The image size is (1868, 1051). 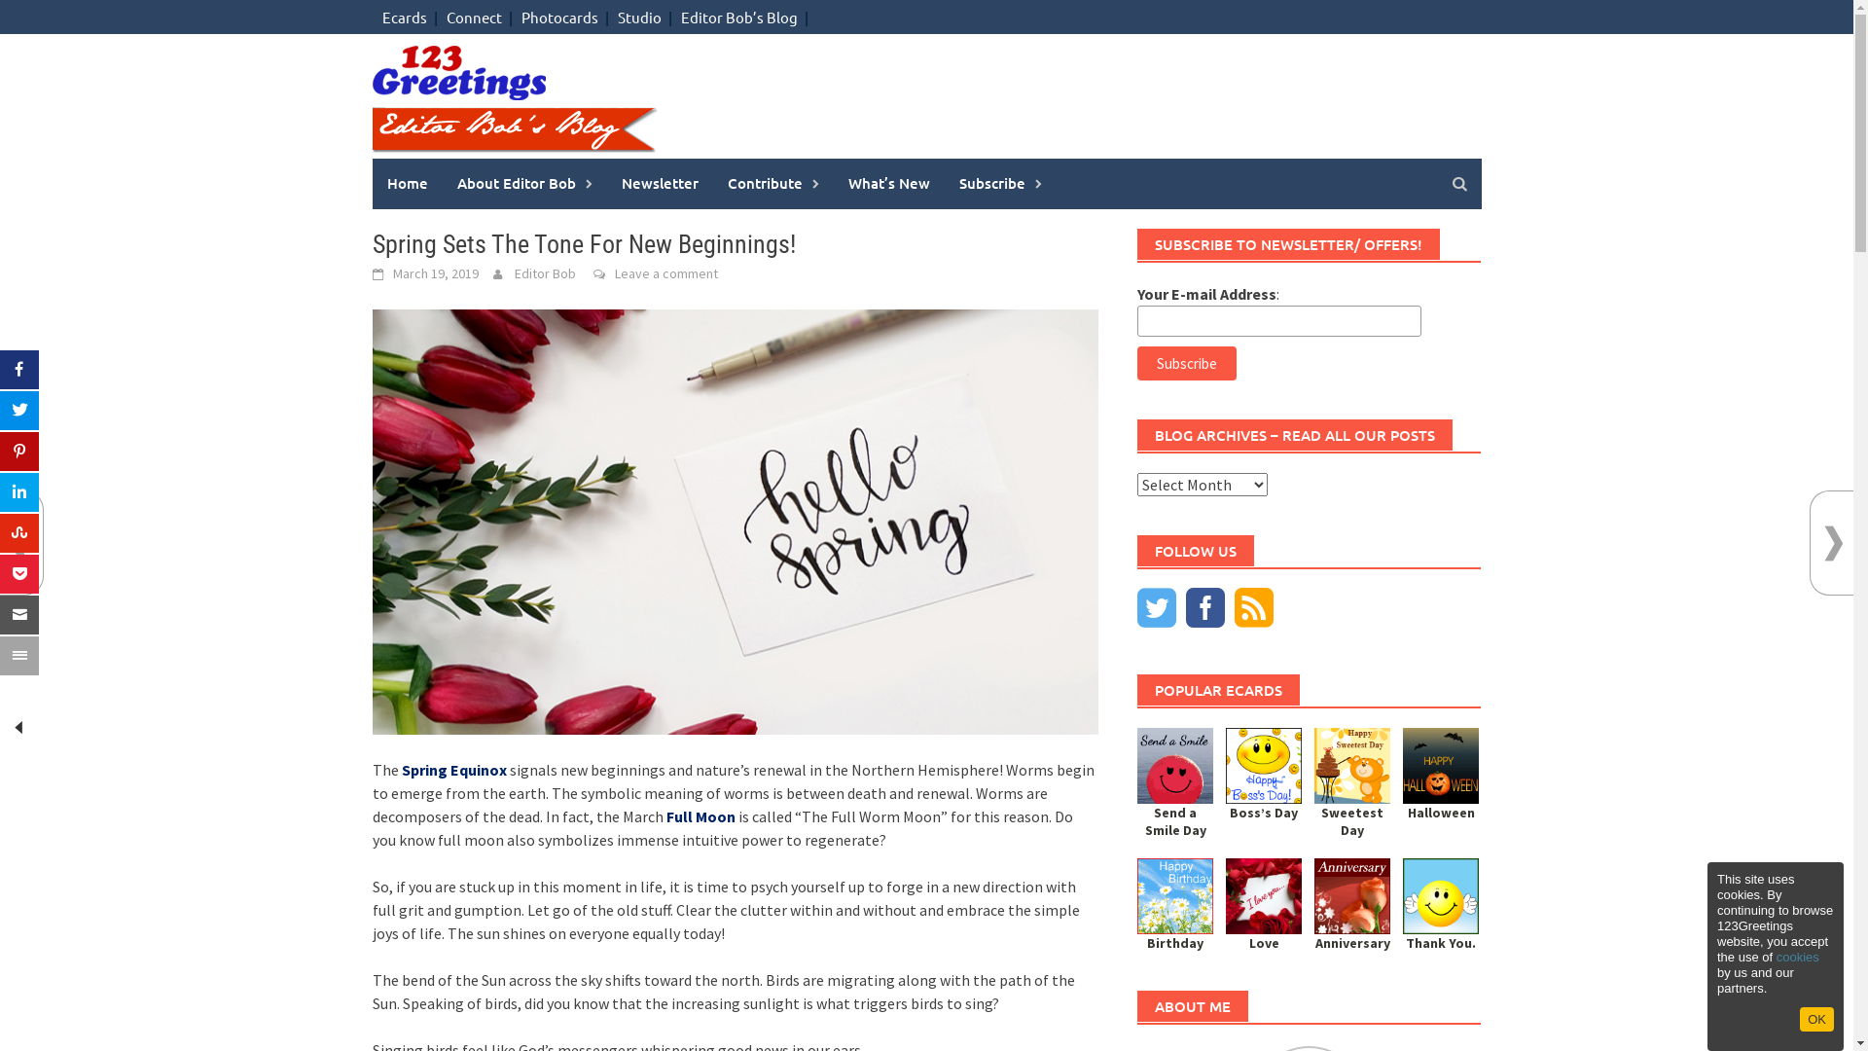 I want to click on 'Editor Bob', so click(x=544, y=273).